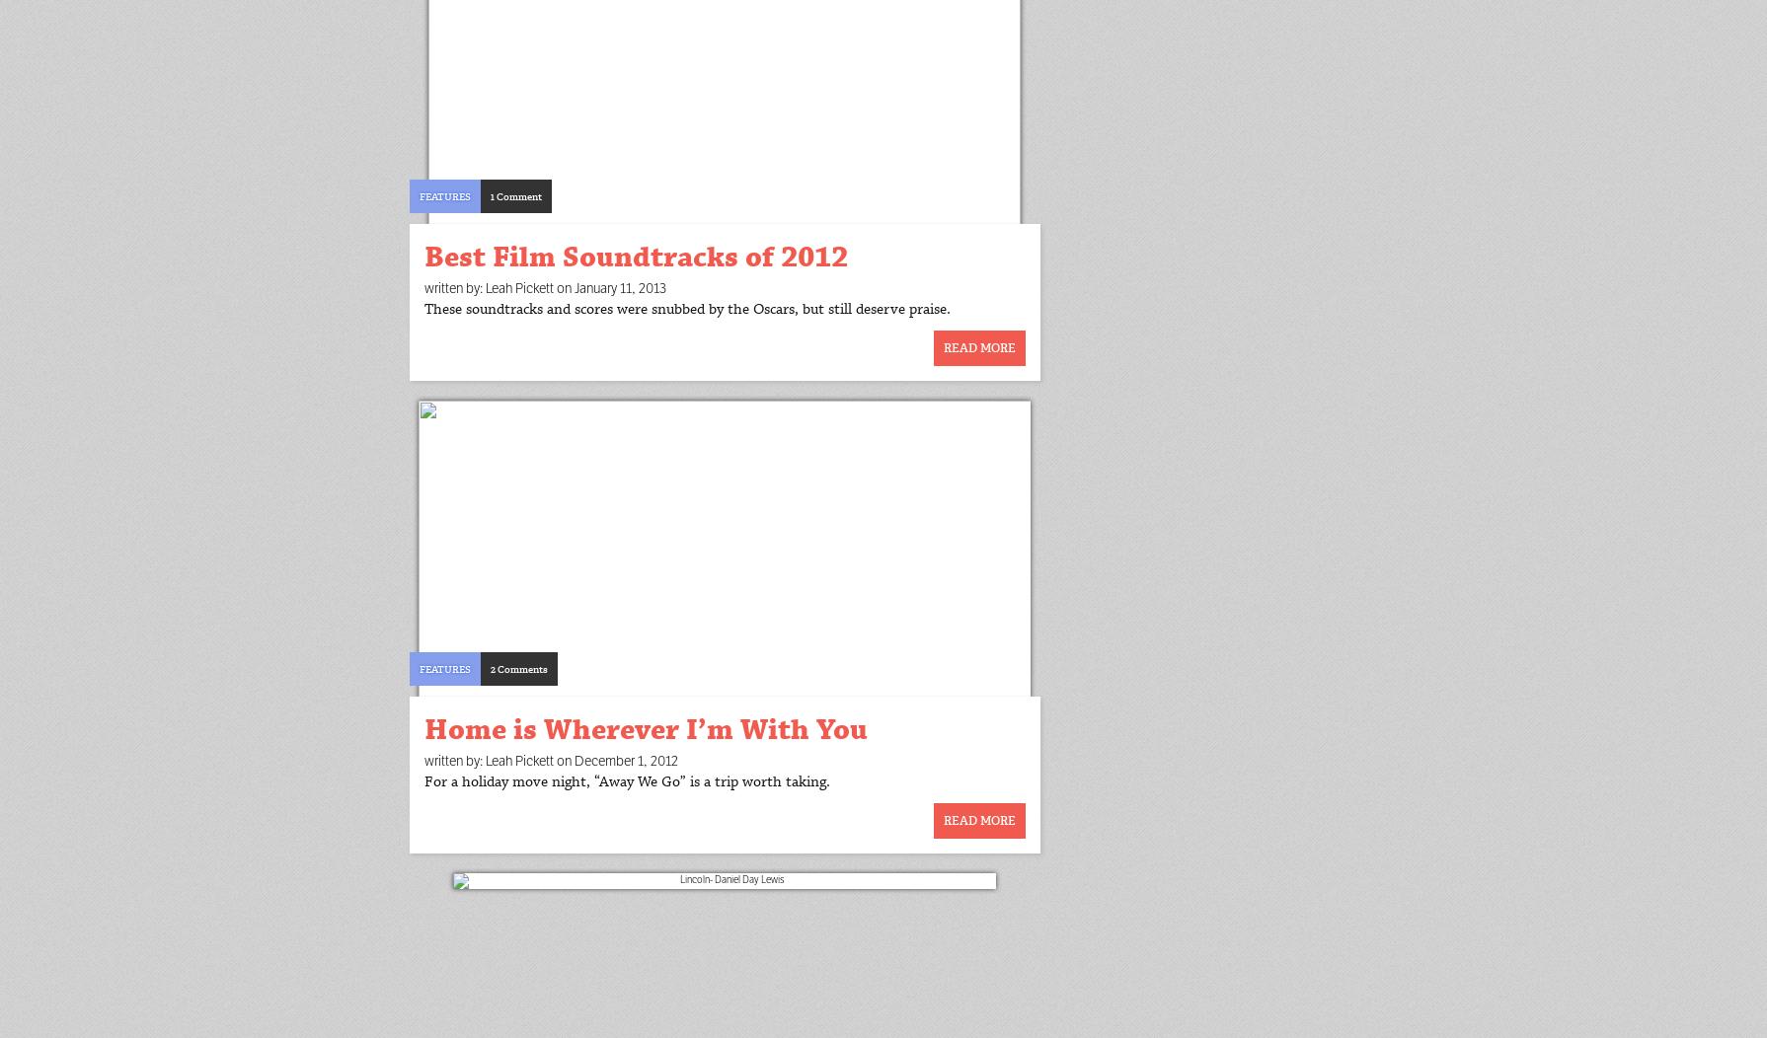 This screenshot has width=1767, height=1038. I want to click on 'Home is Wherever I’m With You', so click(645, 729).